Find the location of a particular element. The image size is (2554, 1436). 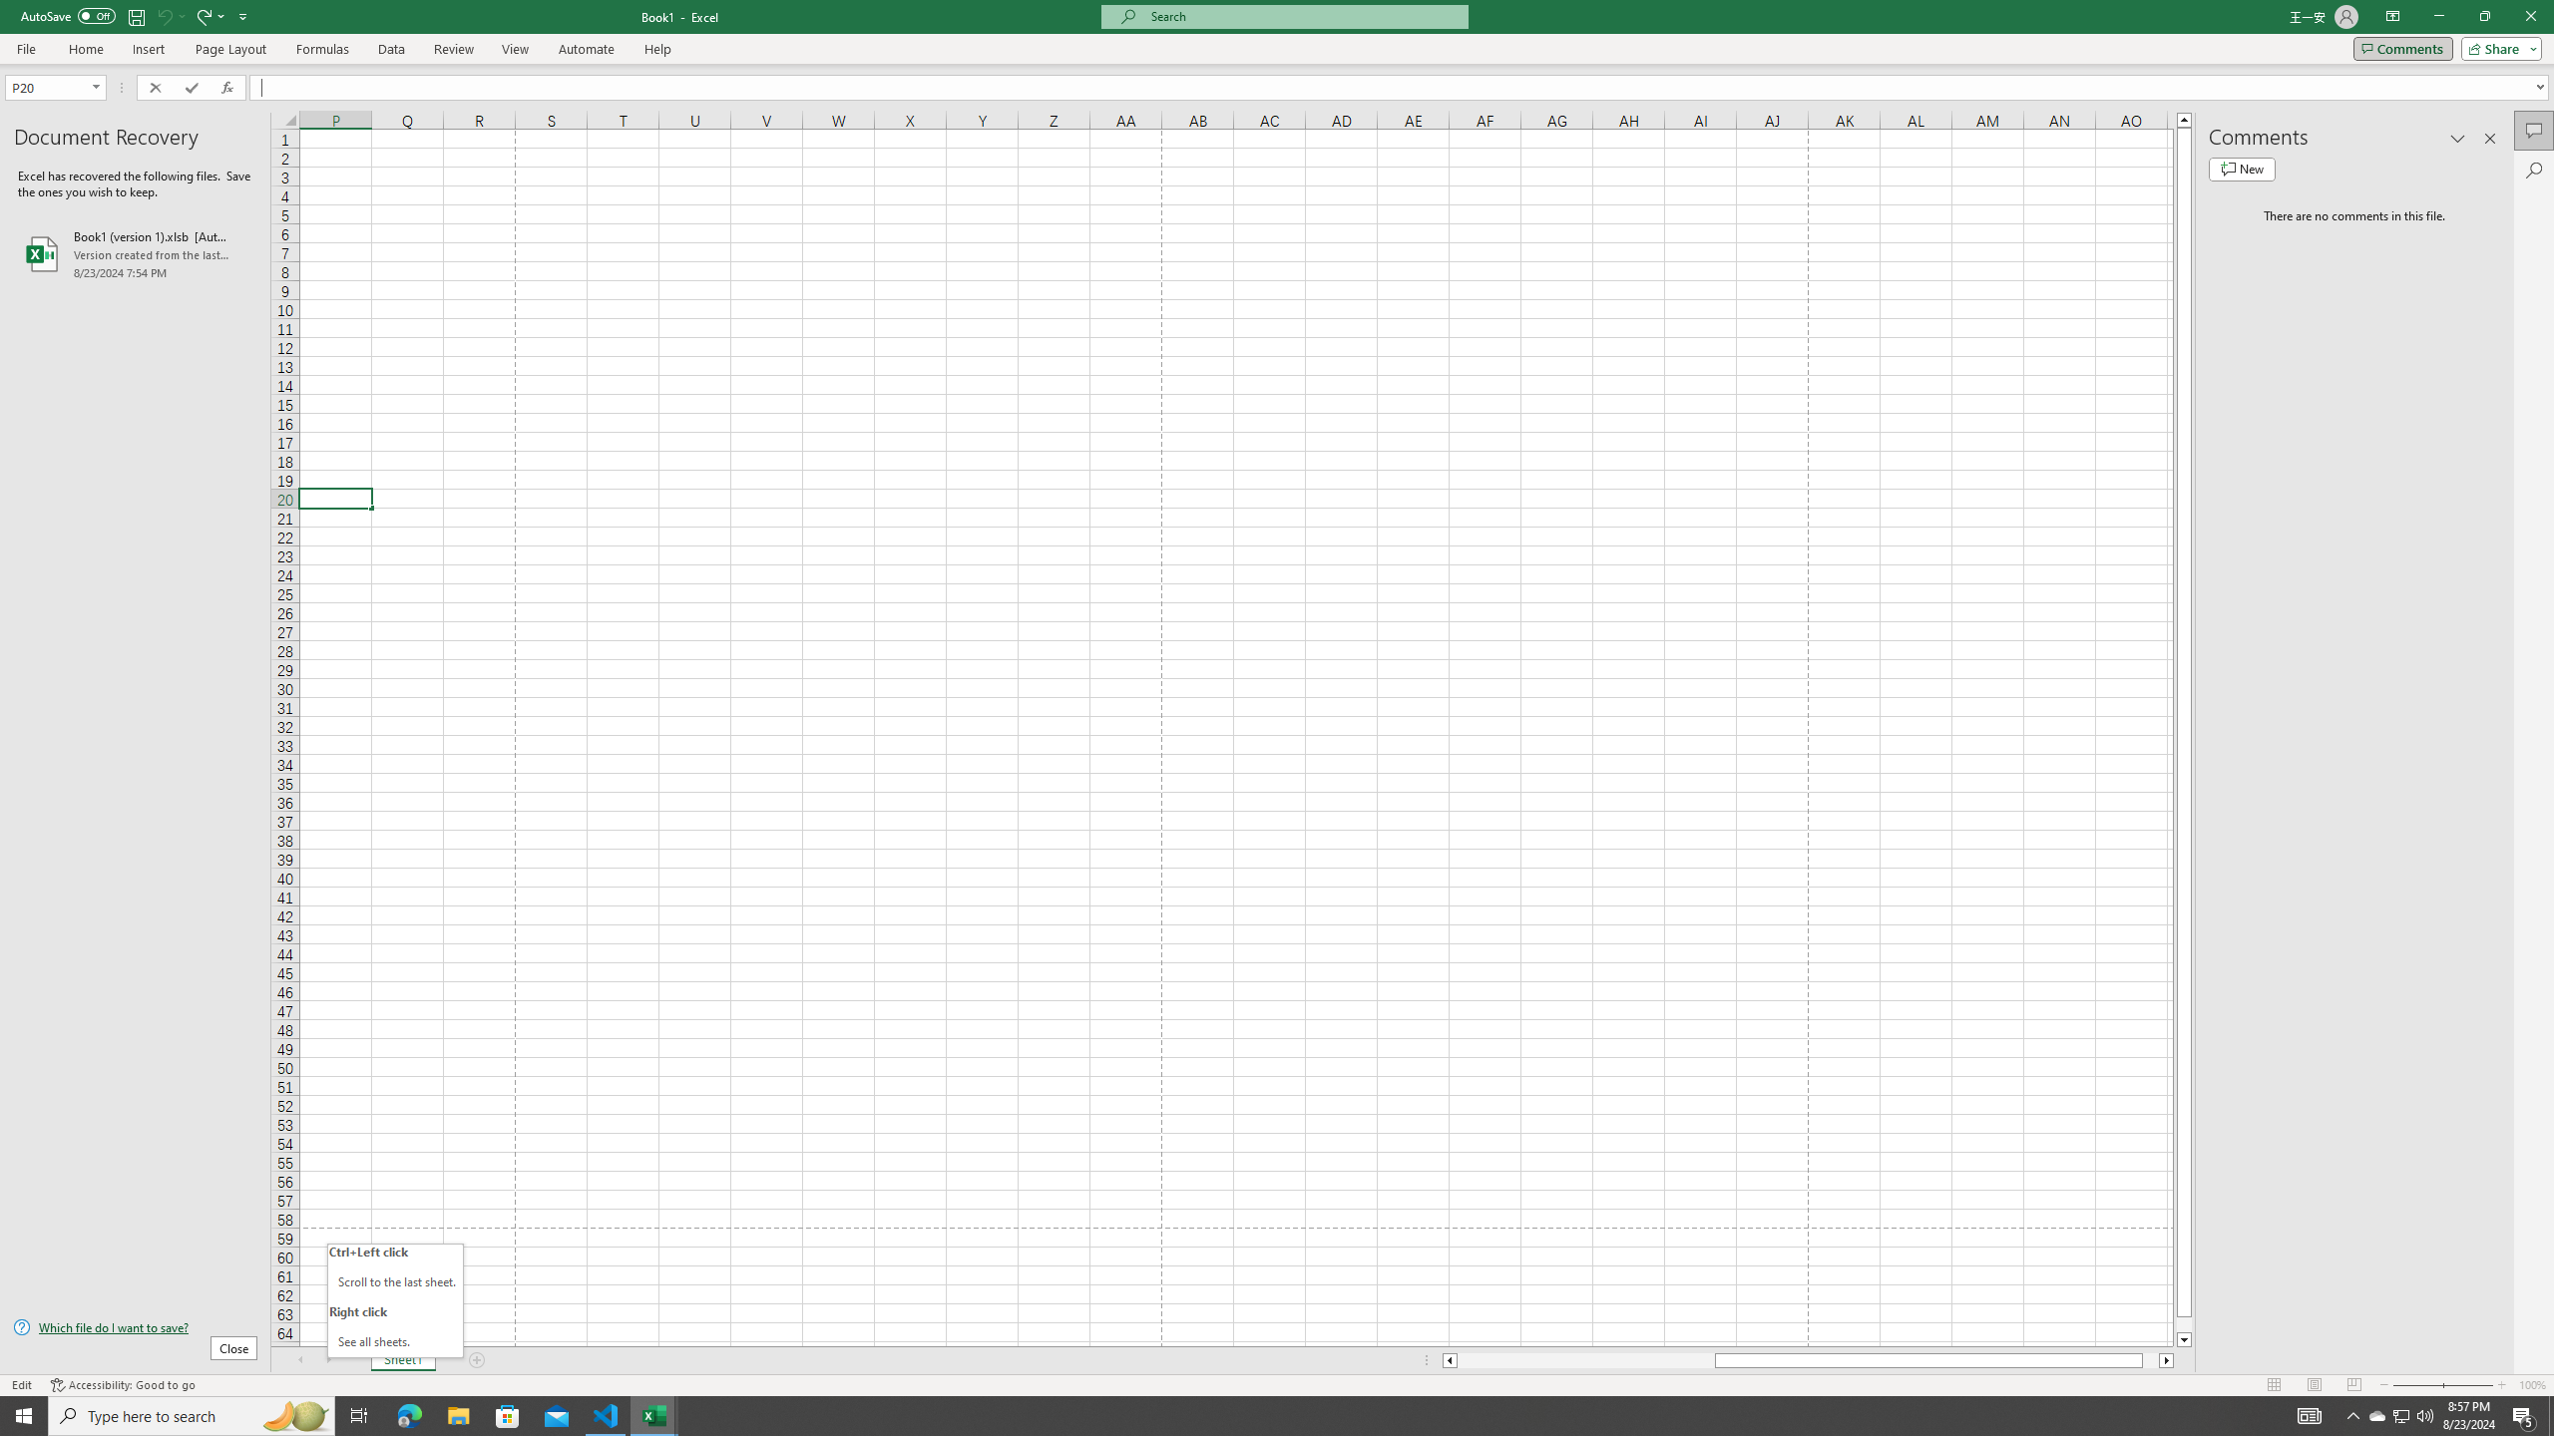

'Automate' is located at coordinates (586, 49).